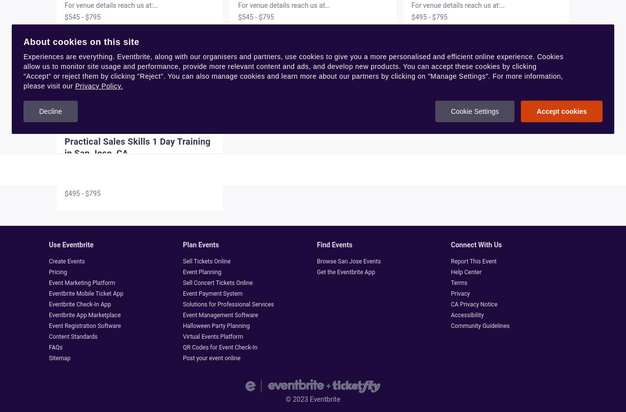 The height and width of the screenshot is (412, 626). Describe the element at coordinates (55, 347) in the screenshot. I see `'FAQs'` at that location.